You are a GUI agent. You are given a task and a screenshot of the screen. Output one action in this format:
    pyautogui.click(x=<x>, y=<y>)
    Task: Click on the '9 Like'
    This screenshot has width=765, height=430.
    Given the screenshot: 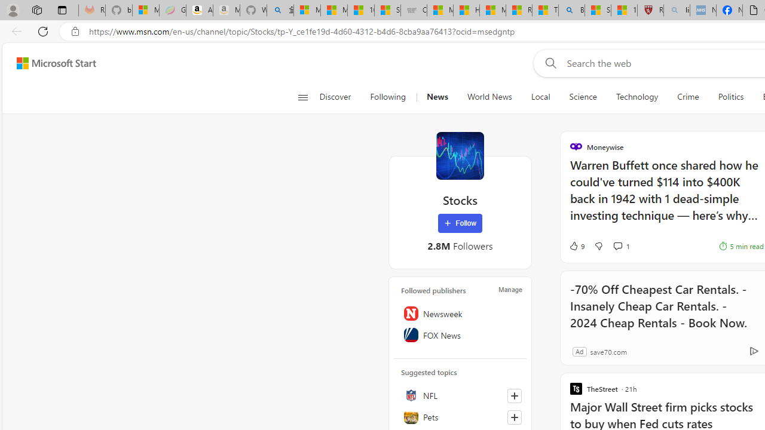 What is the action you would take?
    pyautogui.click(x=576, y=245)
    